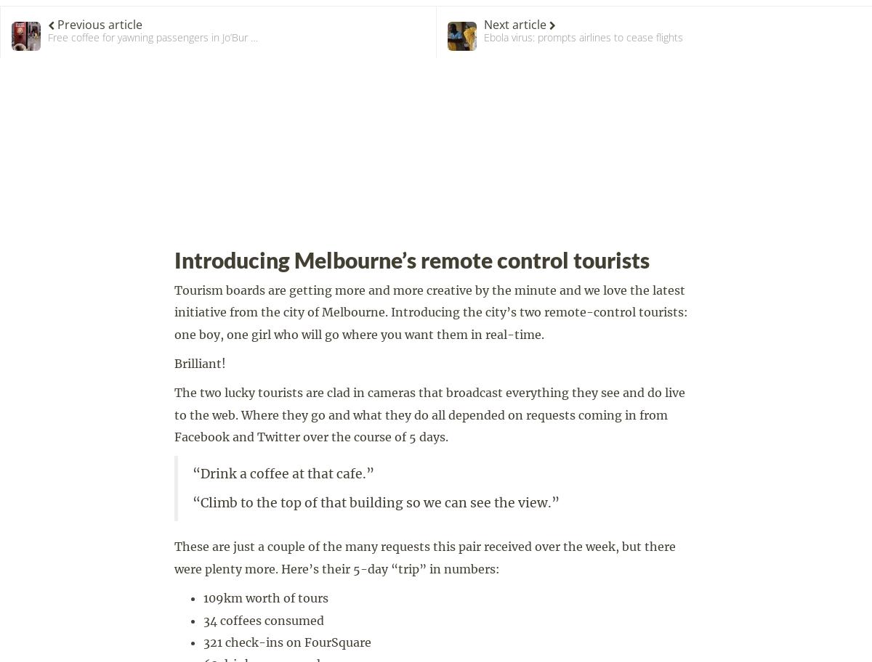  What do you see at coordinates (375, 503) in the screenshot?
I see `'“Climb to the top of that building so we can see the view.”'` at bounding box center [375, 503].